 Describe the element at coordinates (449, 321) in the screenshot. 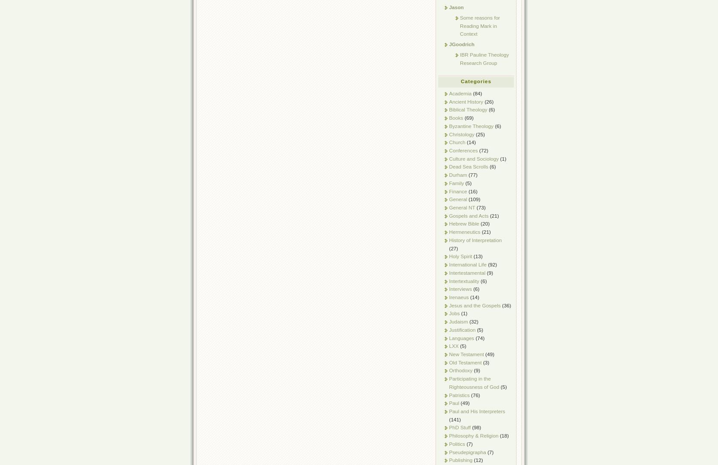

I see `'Judaism'` at that location.